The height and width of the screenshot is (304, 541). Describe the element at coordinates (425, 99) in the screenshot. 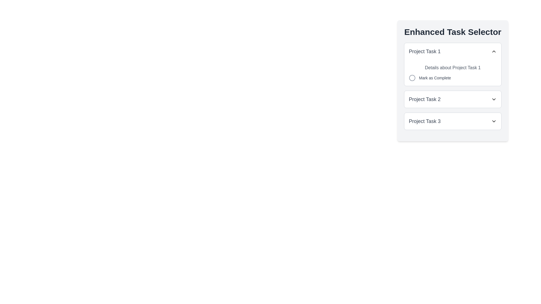

I see `the text label displaying 'Project Task 2'` at that location.